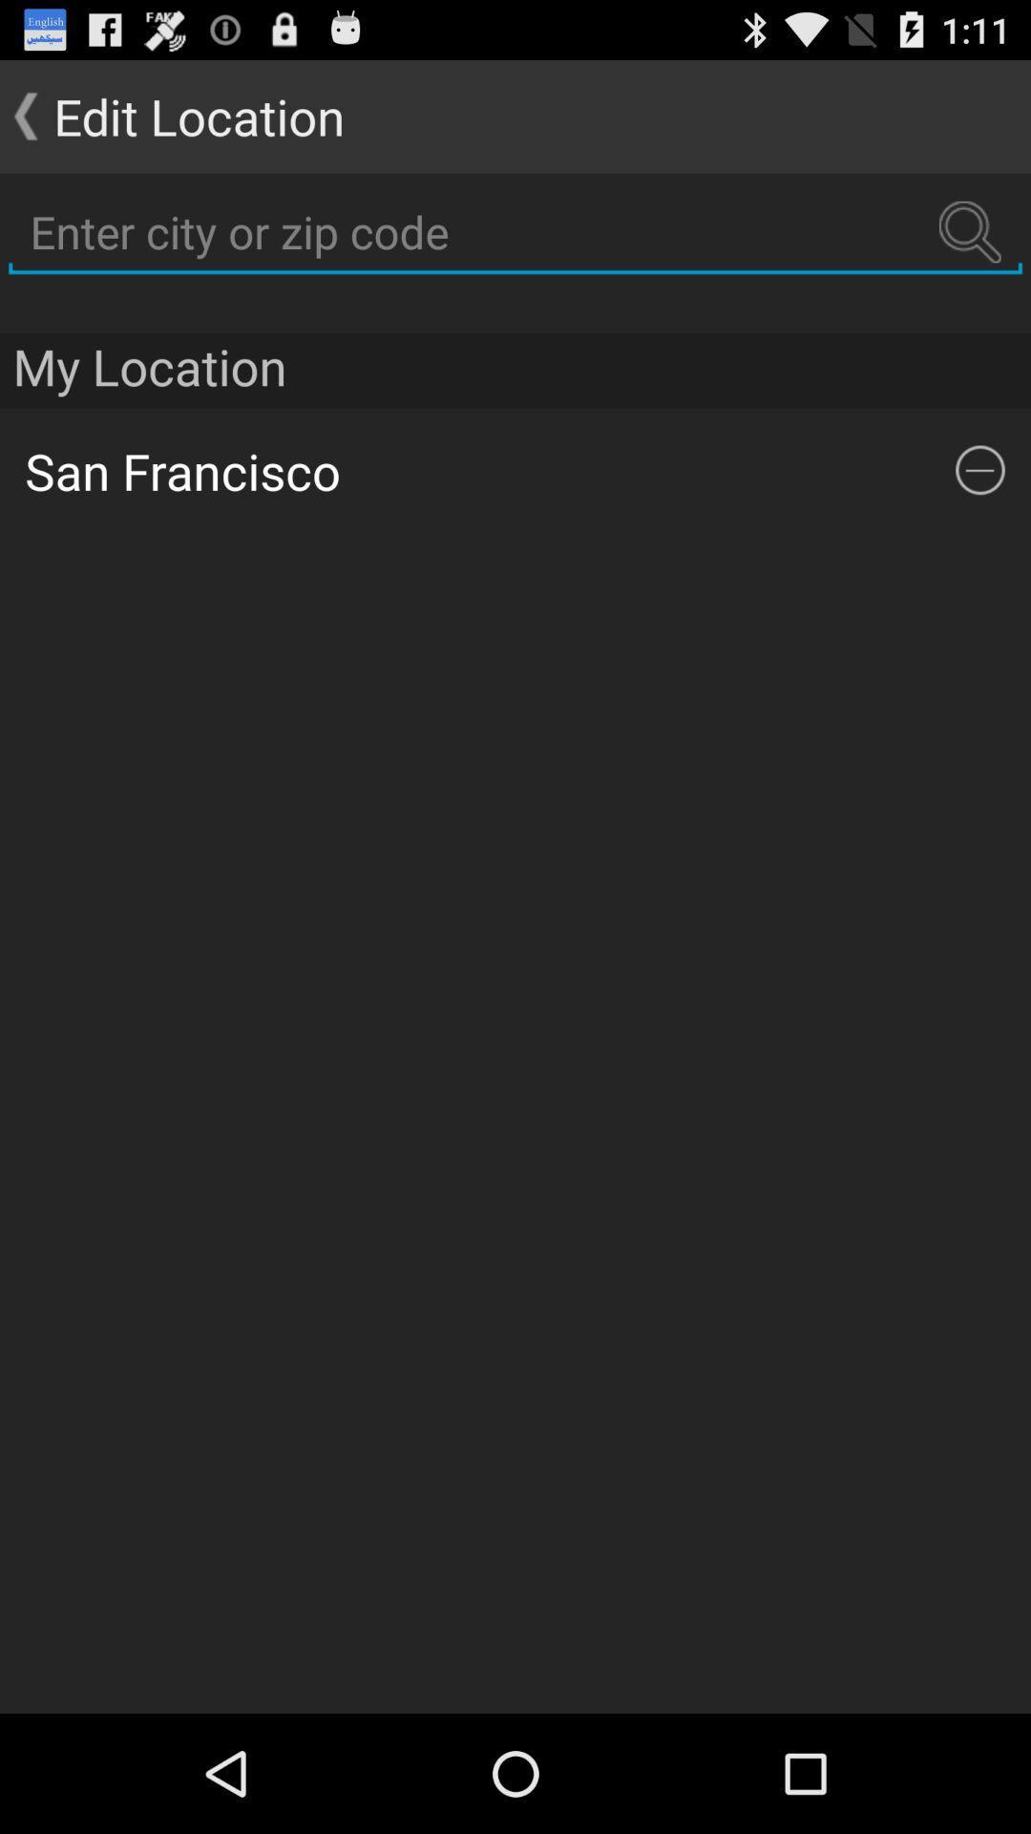 Image resolution: width=1031 pixels, height=1834 pixels. I want to click on the edit location button, so click(172, 115).